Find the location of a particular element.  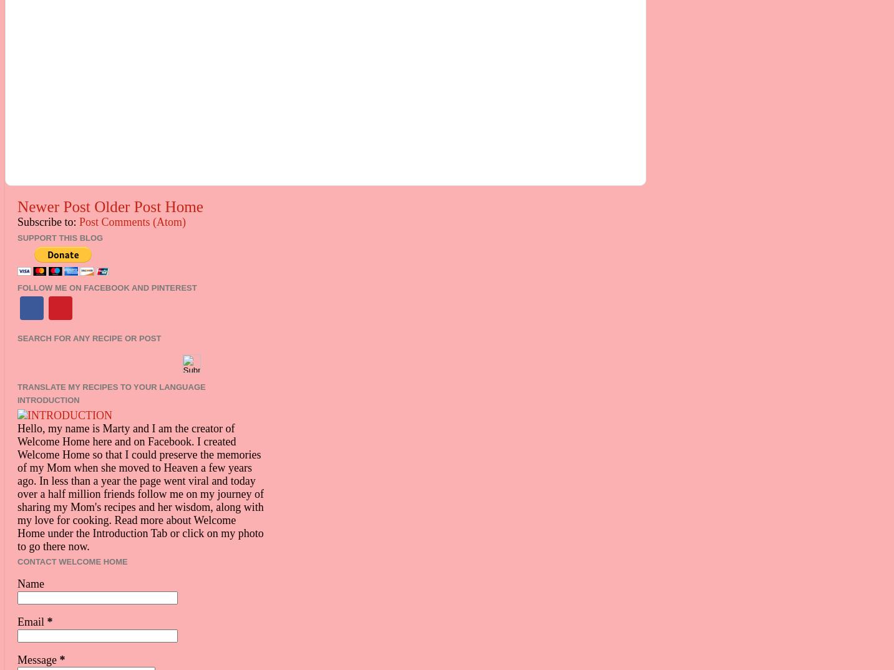

'Subscribe to:' is located at coordinates (47, 221).